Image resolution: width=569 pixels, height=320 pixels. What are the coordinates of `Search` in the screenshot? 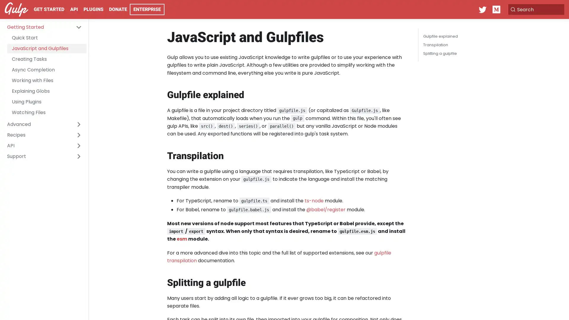 It's located at (535, 9).